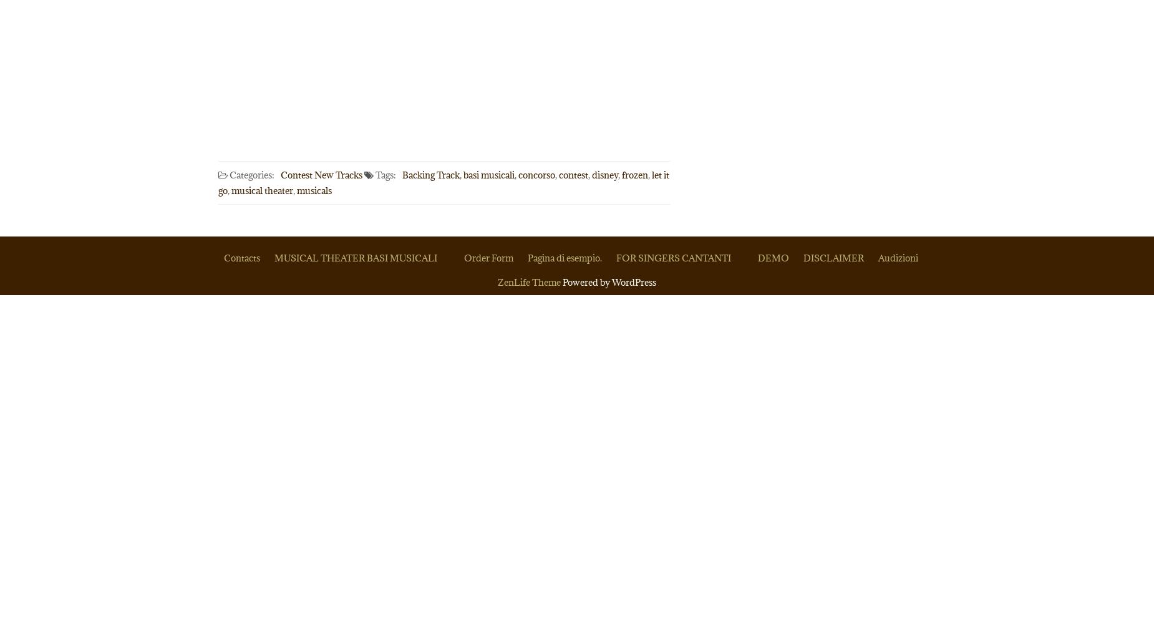 The width and height of the screenshot is (1154, 624). What do you see at coordinates (366, 258) in the screenshot?
I see `'BASI MUSICALI'` at bounding box center [366, 258].